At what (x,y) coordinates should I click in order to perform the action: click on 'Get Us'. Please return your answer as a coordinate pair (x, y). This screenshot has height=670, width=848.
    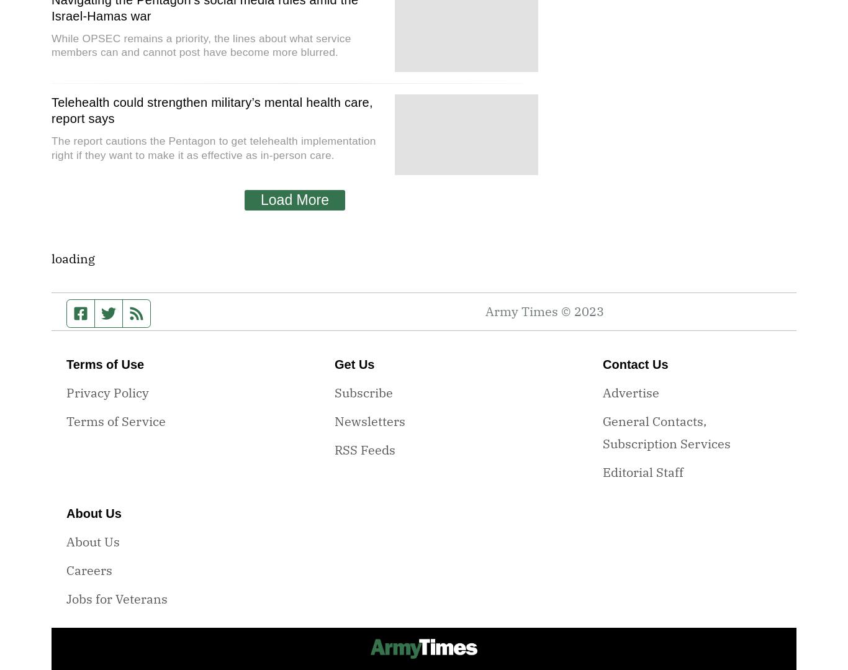
    Looking at the image, I should click on (353, 364).